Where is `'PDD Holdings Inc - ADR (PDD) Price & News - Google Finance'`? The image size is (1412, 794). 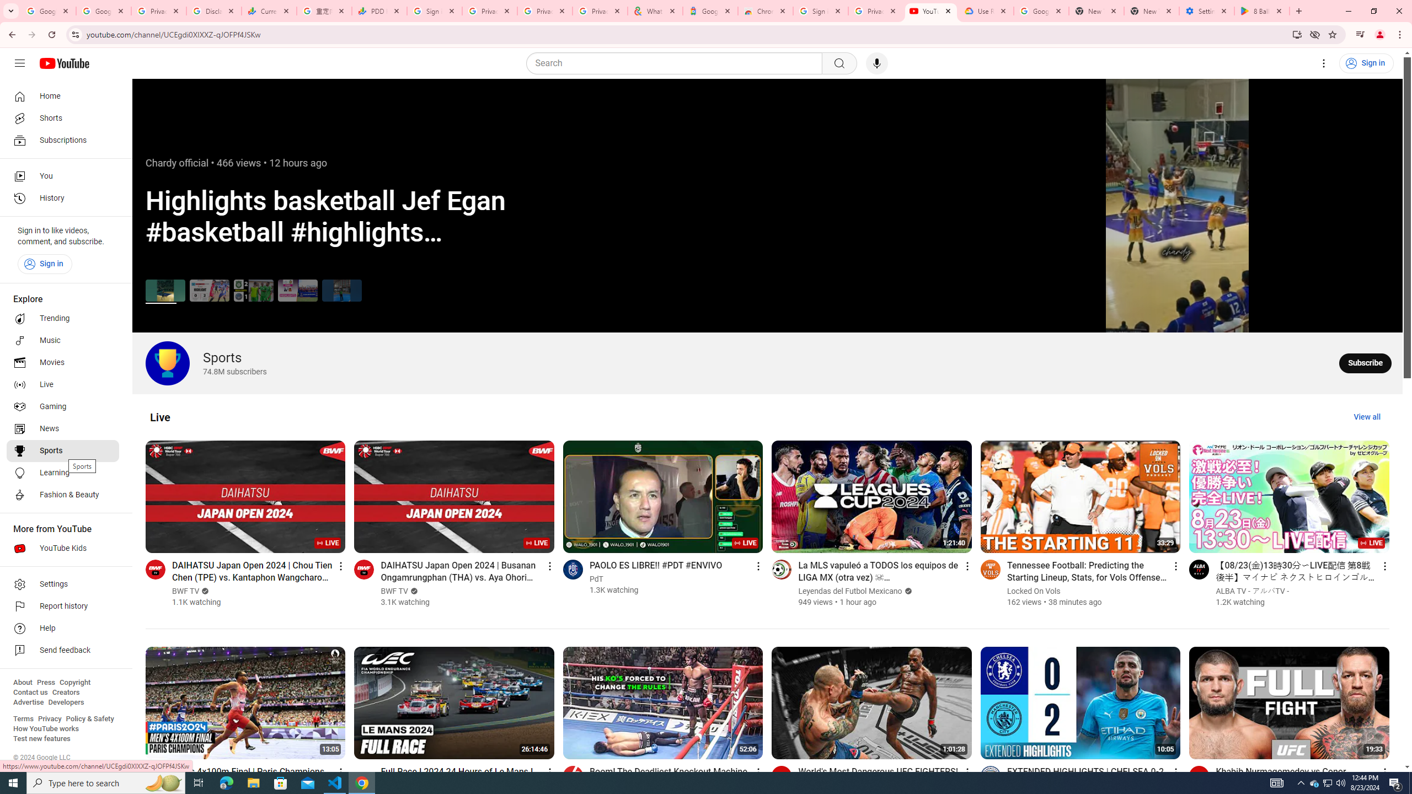 'PDD Holdings Inc - ADR (PDD) Price & News - Google Finance' is located at coordinates (379, 10).